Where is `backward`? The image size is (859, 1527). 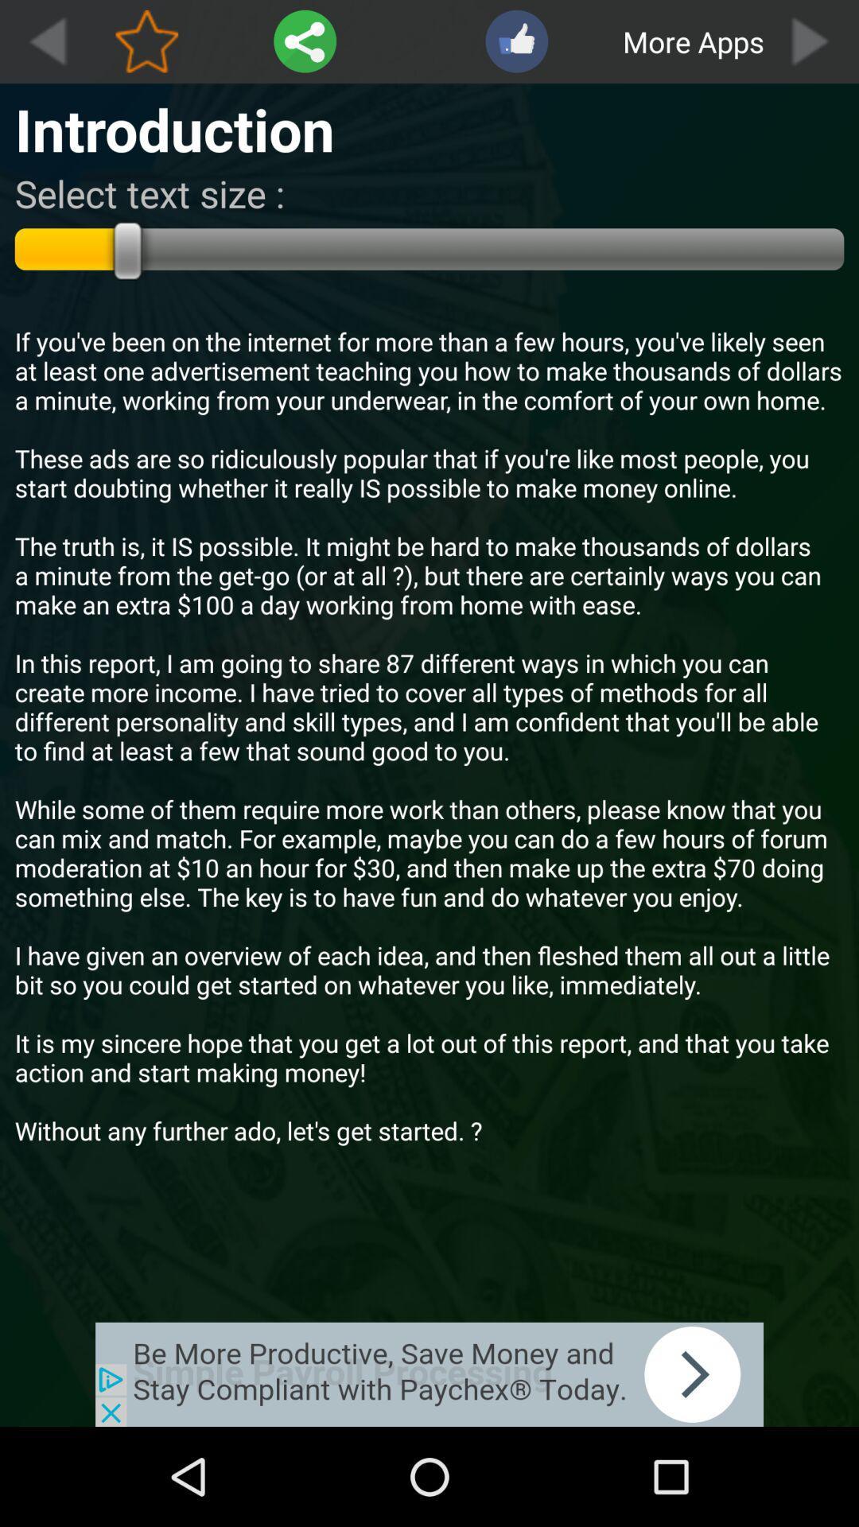 backward is located at coordinates (46, 41).